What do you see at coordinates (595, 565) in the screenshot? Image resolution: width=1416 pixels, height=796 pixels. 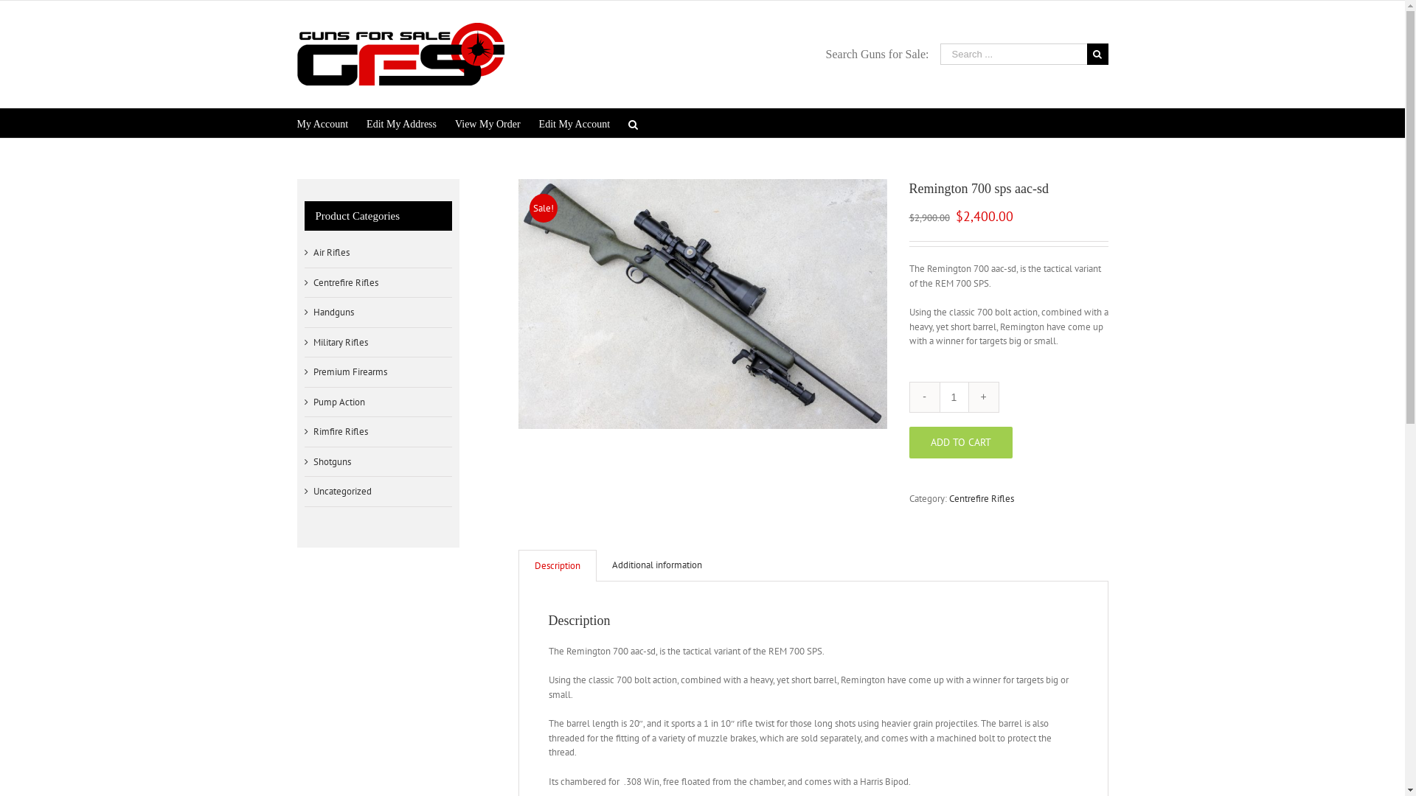 I see `'Additional information'` at bounding box center [595, 565].